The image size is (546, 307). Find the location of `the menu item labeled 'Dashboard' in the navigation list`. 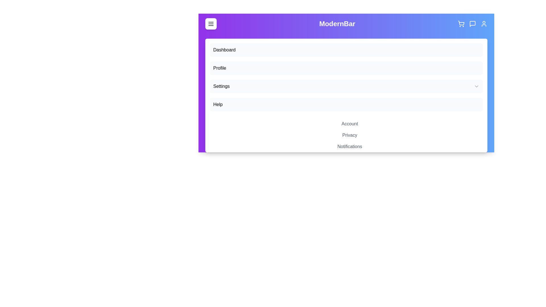

the menu item labeled 'Dashboard' in the navigation list is located at coordinates (346, 50).